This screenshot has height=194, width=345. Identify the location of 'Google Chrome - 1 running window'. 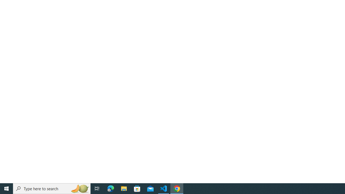
(177, 188).